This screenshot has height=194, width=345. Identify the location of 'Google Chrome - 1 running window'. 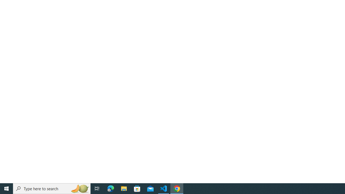
(177, 188).